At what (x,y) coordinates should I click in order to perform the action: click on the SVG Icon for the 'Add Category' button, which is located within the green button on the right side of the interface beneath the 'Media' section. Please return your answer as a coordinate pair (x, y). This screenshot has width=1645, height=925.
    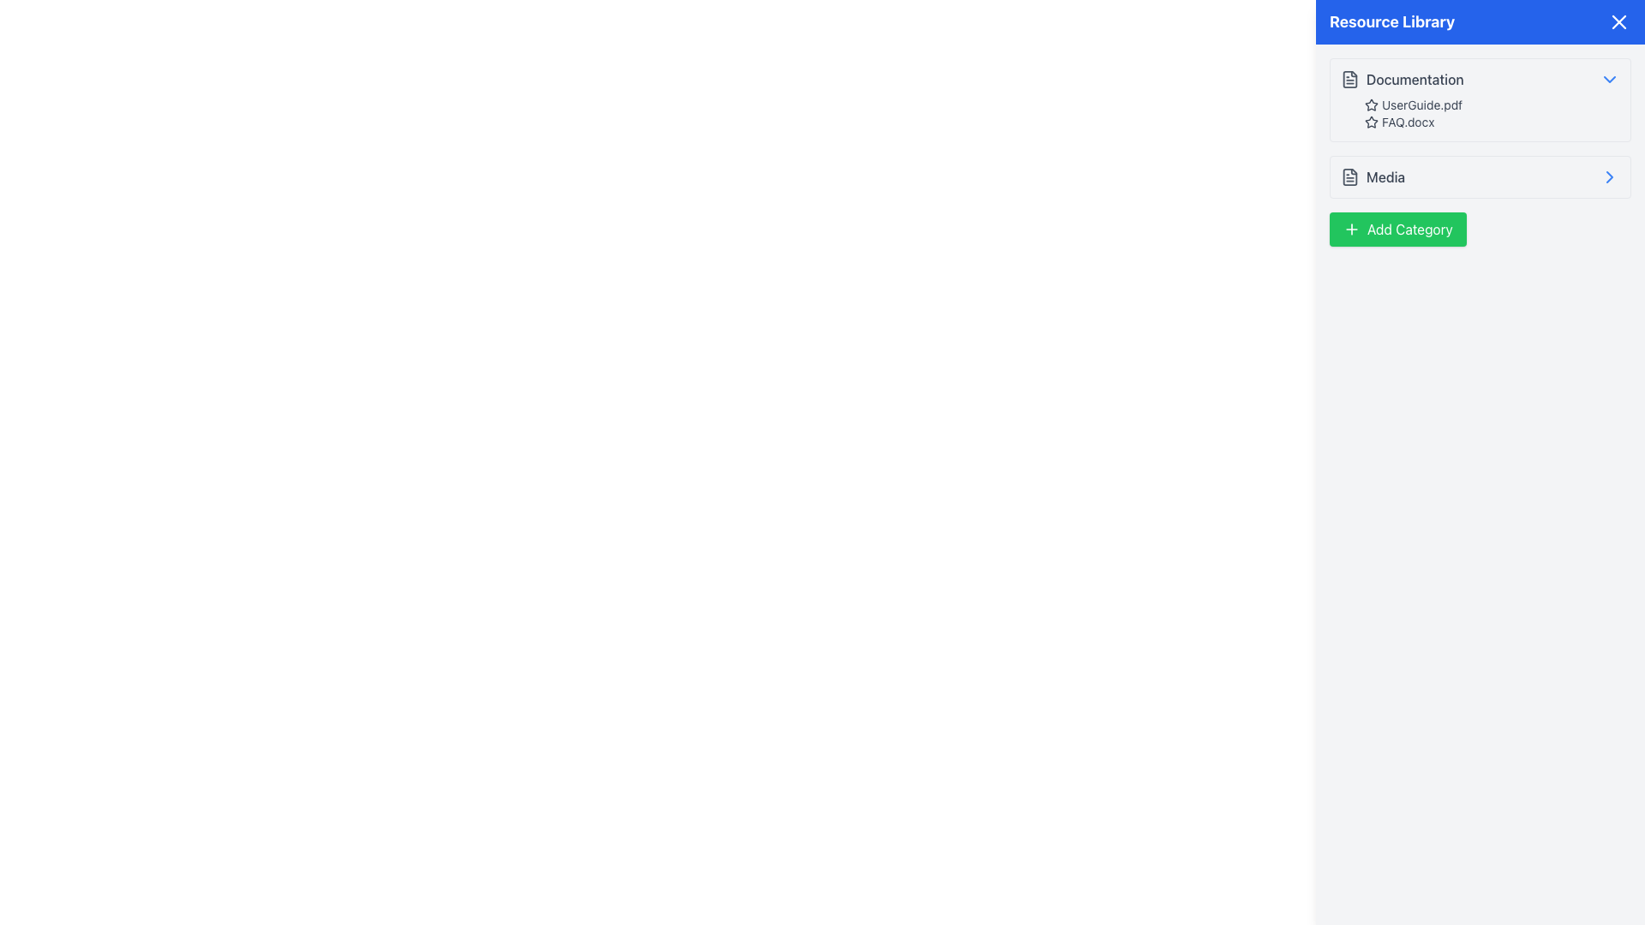
    Looking at the image, I should click on (1351, 228).